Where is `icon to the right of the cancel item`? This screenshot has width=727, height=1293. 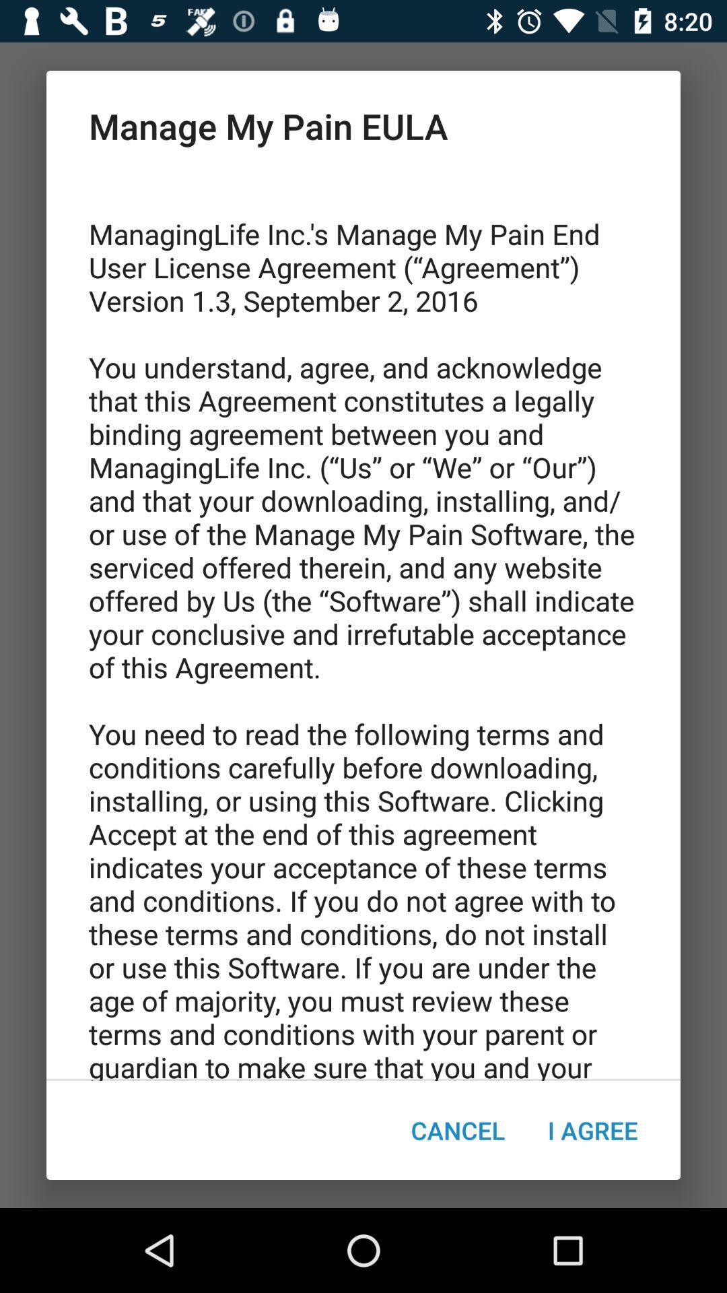
icon to the right of the cancel item is located at coordinates (592, 1130).